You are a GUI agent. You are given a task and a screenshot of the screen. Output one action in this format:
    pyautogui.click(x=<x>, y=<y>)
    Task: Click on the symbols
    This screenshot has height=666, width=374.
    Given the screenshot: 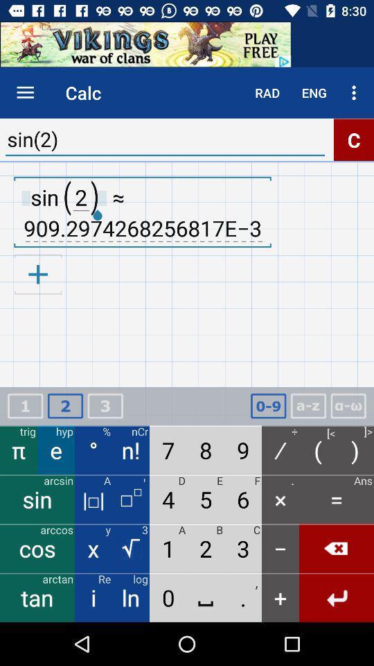 What is the action you would take?
    pyautogui.click(x=348, y=406)
    